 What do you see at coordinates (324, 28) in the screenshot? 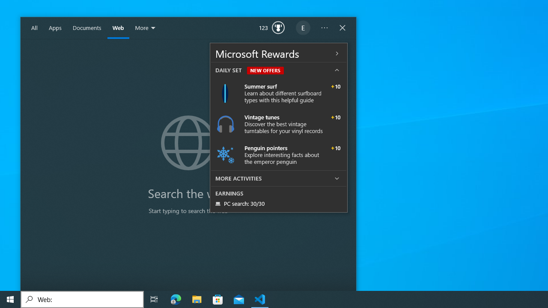
I see `'Options'` at bounding box center [324, 28].